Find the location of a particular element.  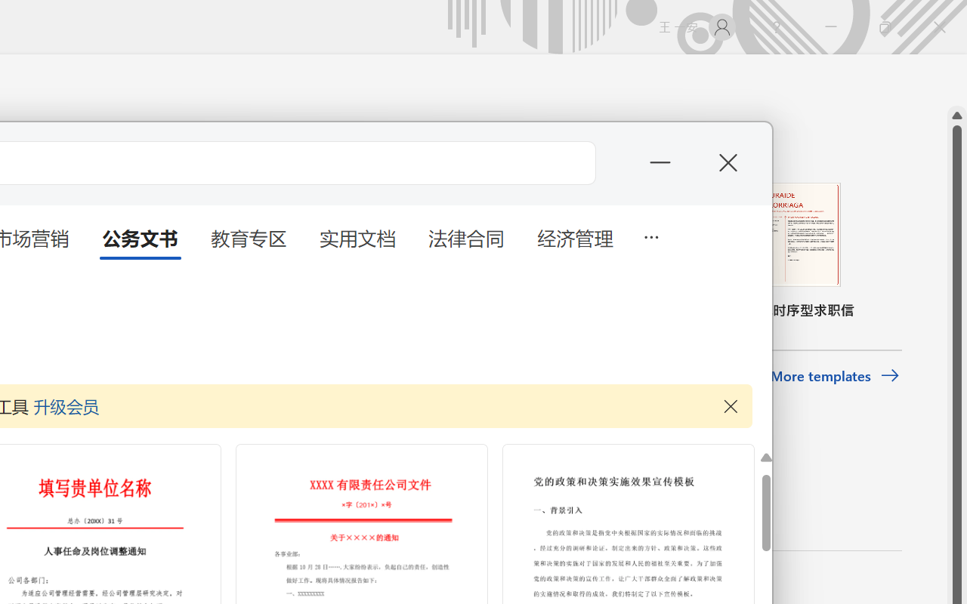

'5 more tabs' is located at coordinates (650, 235).